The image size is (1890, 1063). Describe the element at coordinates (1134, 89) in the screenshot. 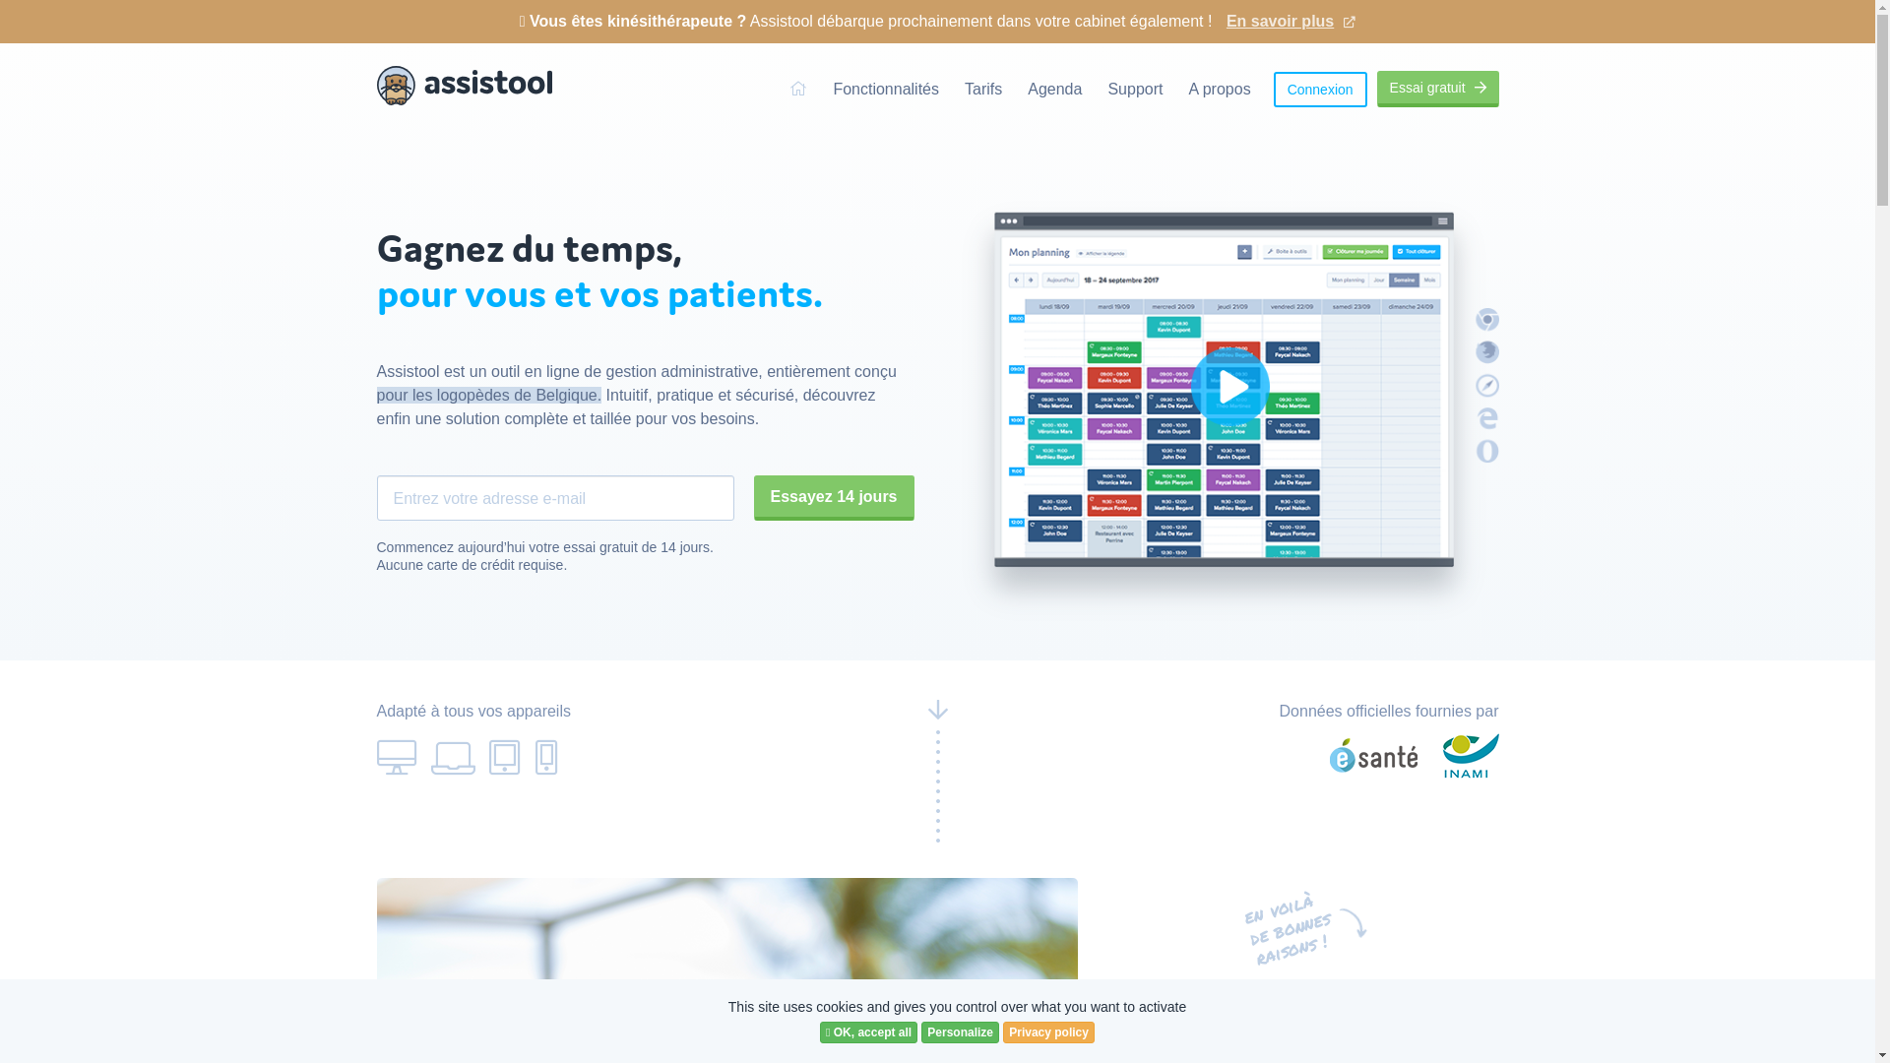

I see `'Support'` at that location.